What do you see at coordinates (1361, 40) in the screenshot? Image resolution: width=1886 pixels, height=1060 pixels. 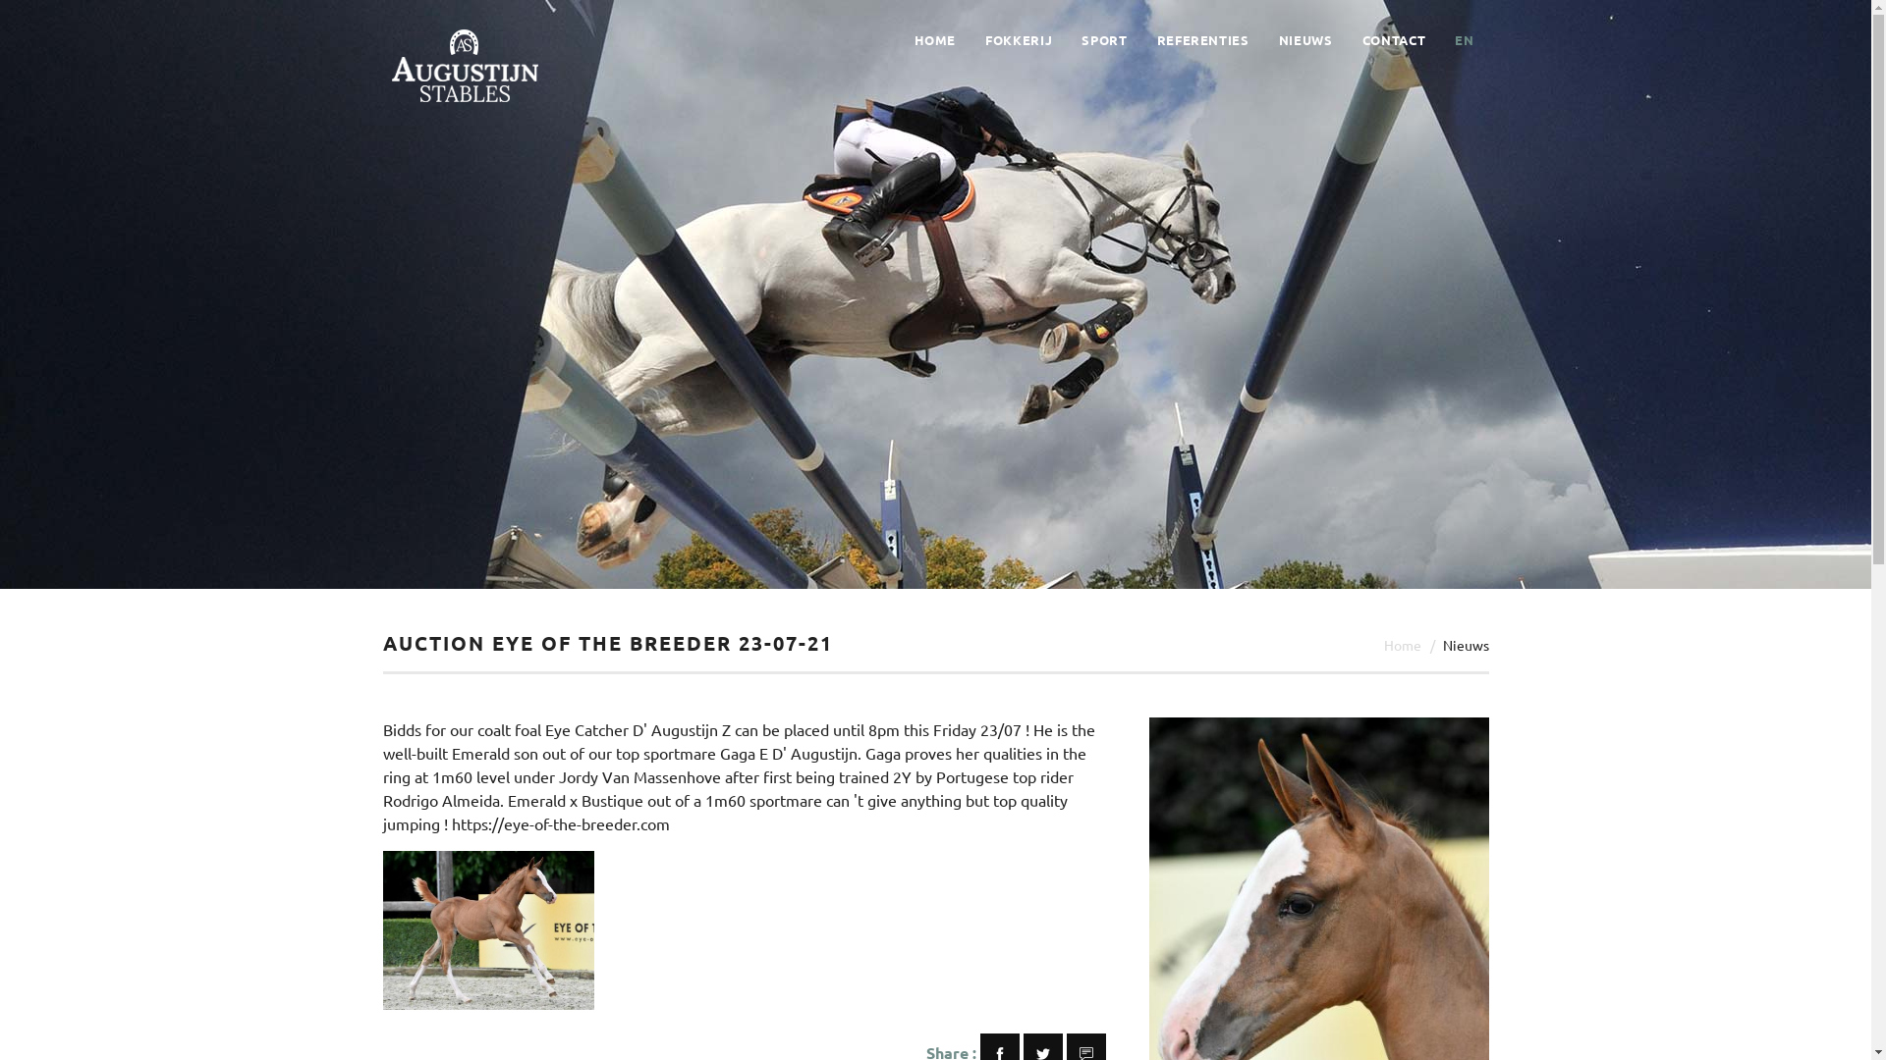 I see `'CONTACT'` at bounding box center [1361, 40].